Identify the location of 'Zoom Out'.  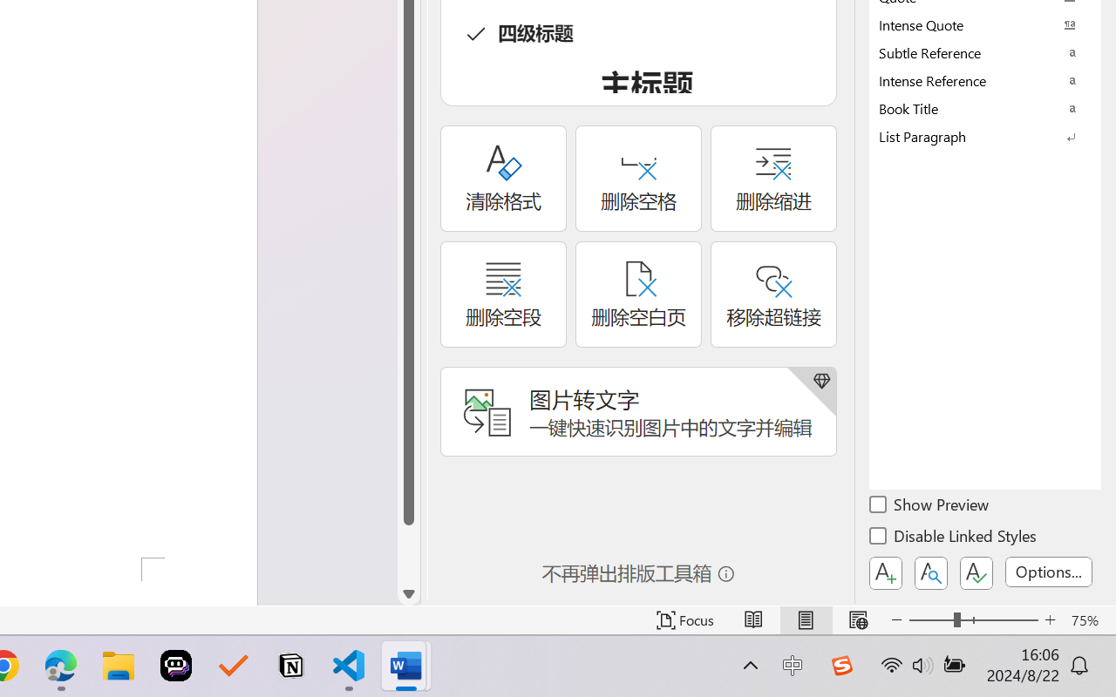
(930, 619).